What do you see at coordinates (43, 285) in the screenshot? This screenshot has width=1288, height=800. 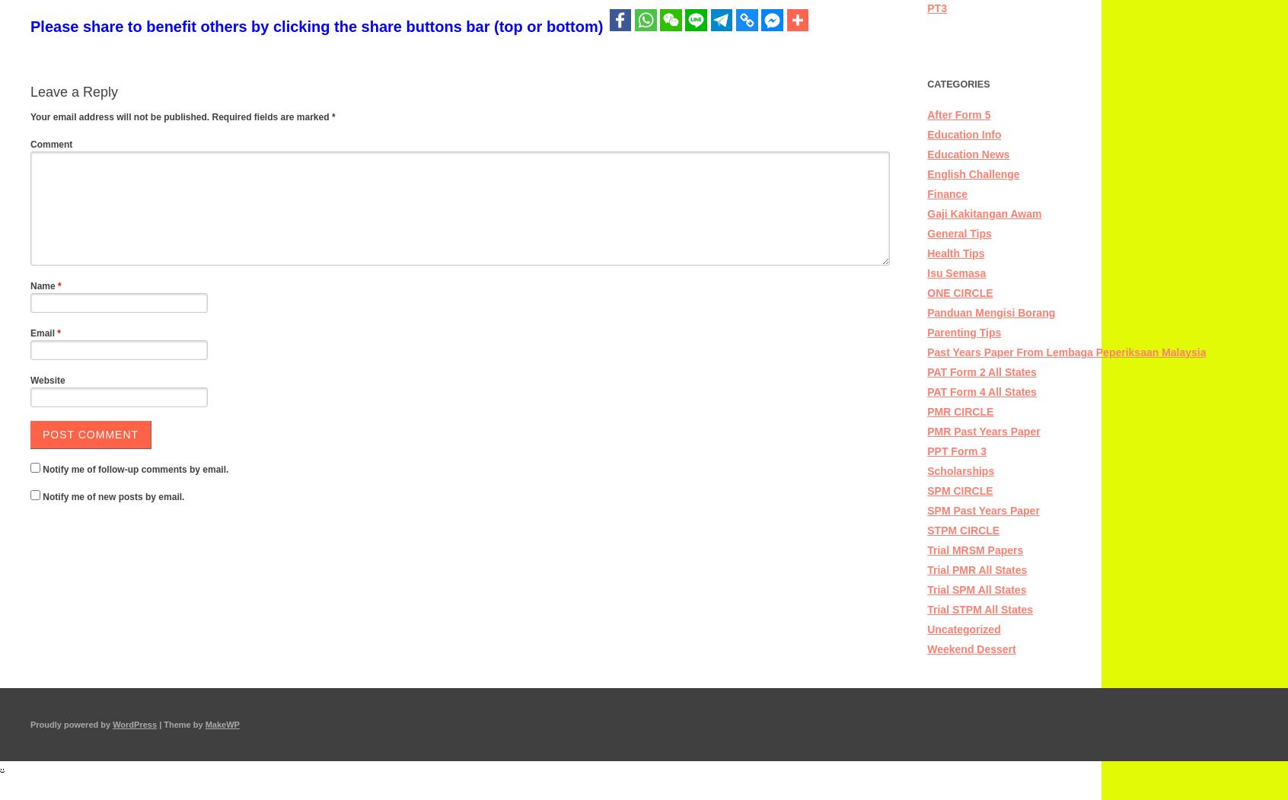 I see `'Name'` at bounding box center [43, 285].